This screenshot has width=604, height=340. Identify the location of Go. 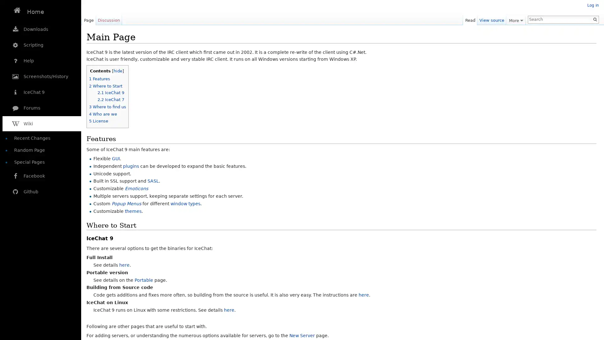
(595, 19).